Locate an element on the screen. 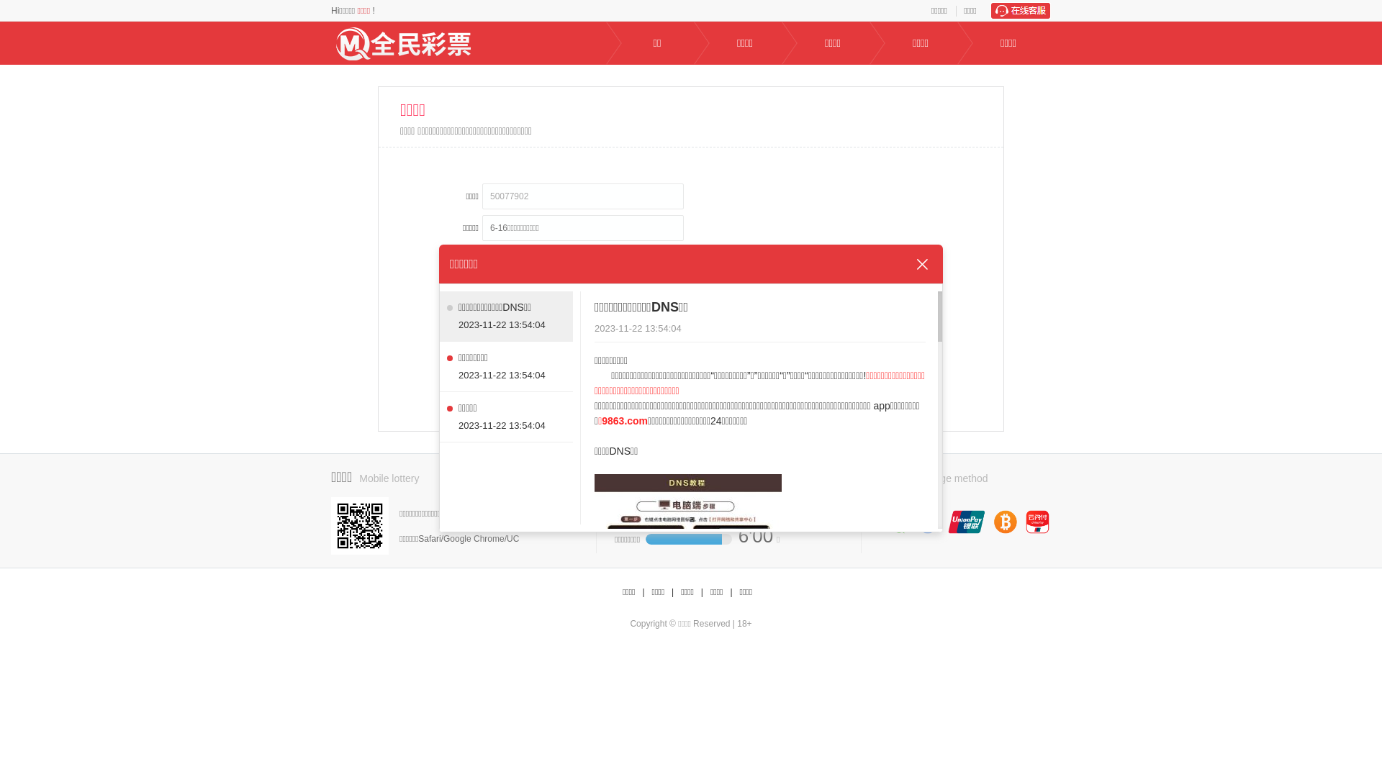  '|' is located at coordinates (672, 592).